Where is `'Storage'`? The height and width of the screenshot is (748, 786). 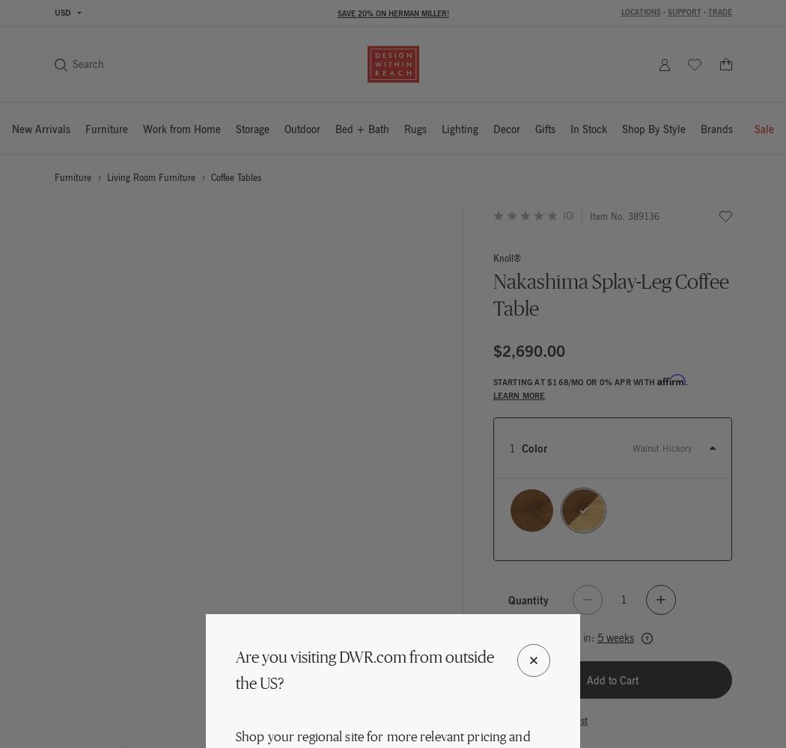
'Storage' is located at coordinates (236, 129).